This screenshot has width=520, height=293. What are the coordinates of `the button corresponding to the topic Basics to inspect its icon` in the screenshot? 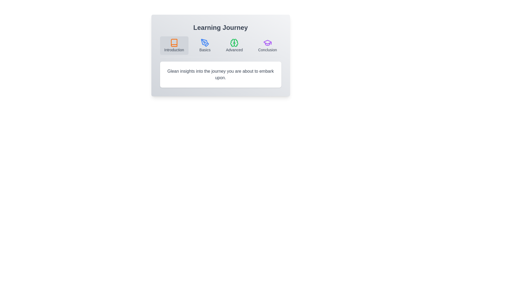 It's located at (204, 45).